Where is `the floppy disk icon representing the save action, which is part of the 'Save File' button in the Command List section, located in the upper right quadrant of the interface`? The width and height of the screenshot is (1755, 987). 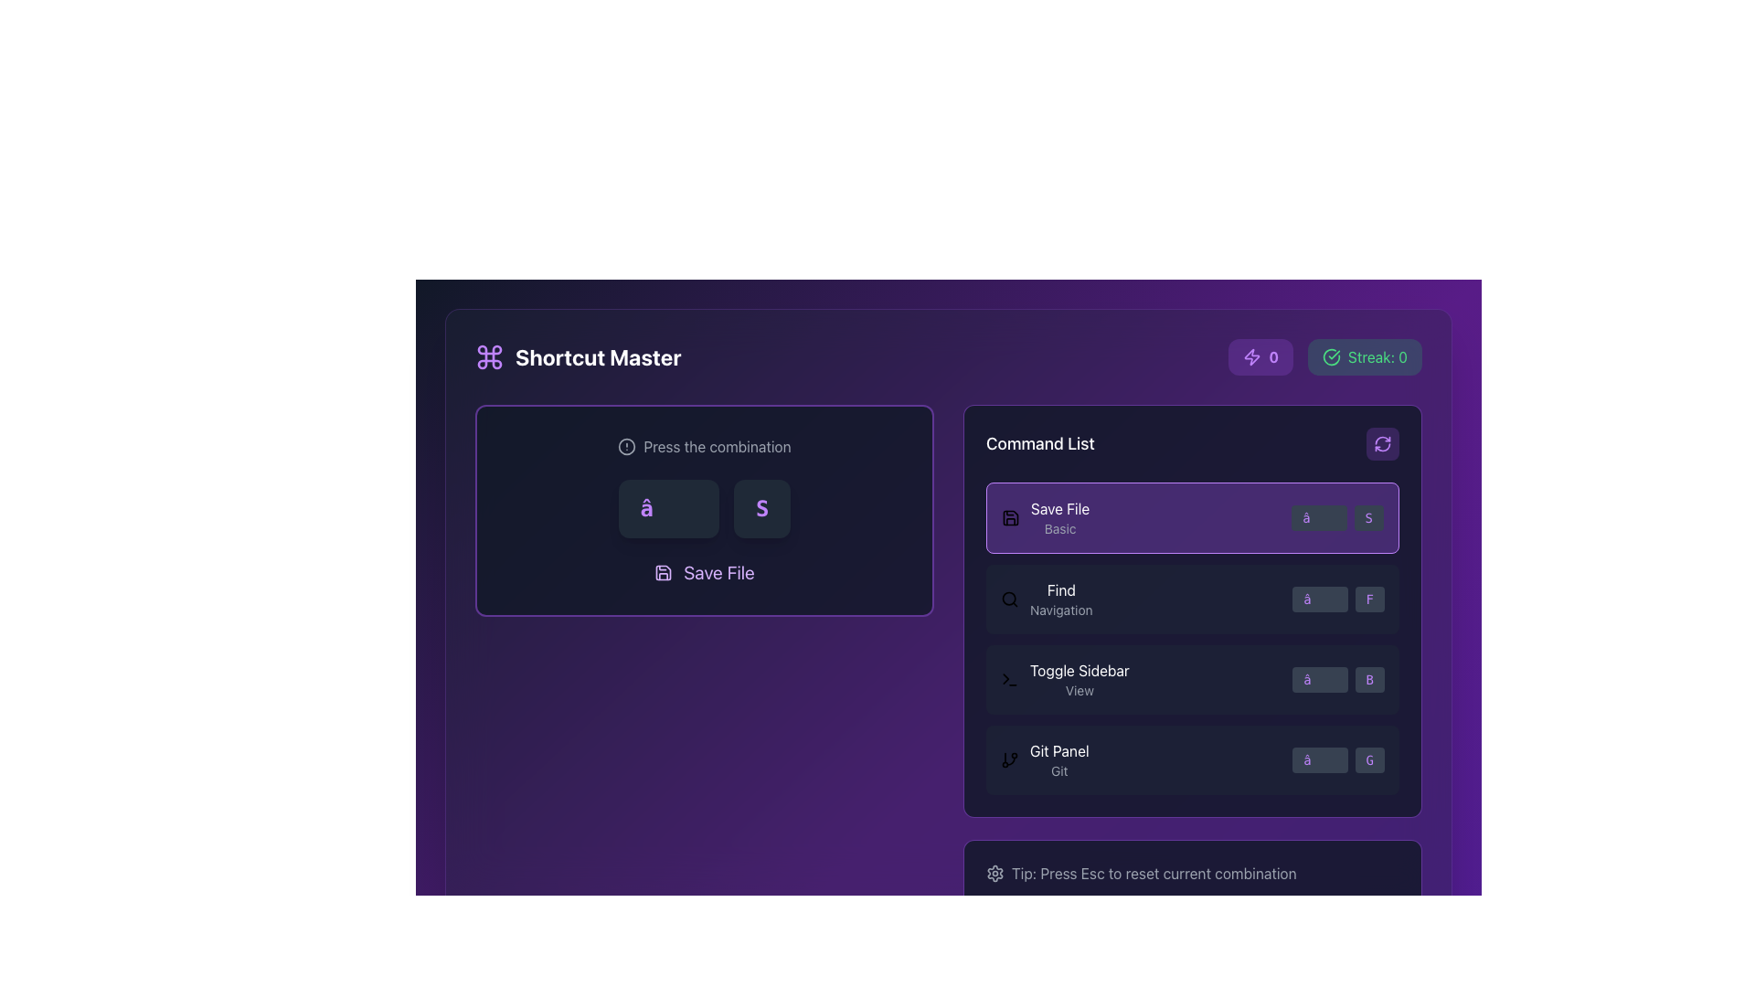 the floppy disk icon representing the save action, which is part of the 'Save File' button in the Command List section, located in the upper right quadrant of the interface is located at coordinates (663, 572).